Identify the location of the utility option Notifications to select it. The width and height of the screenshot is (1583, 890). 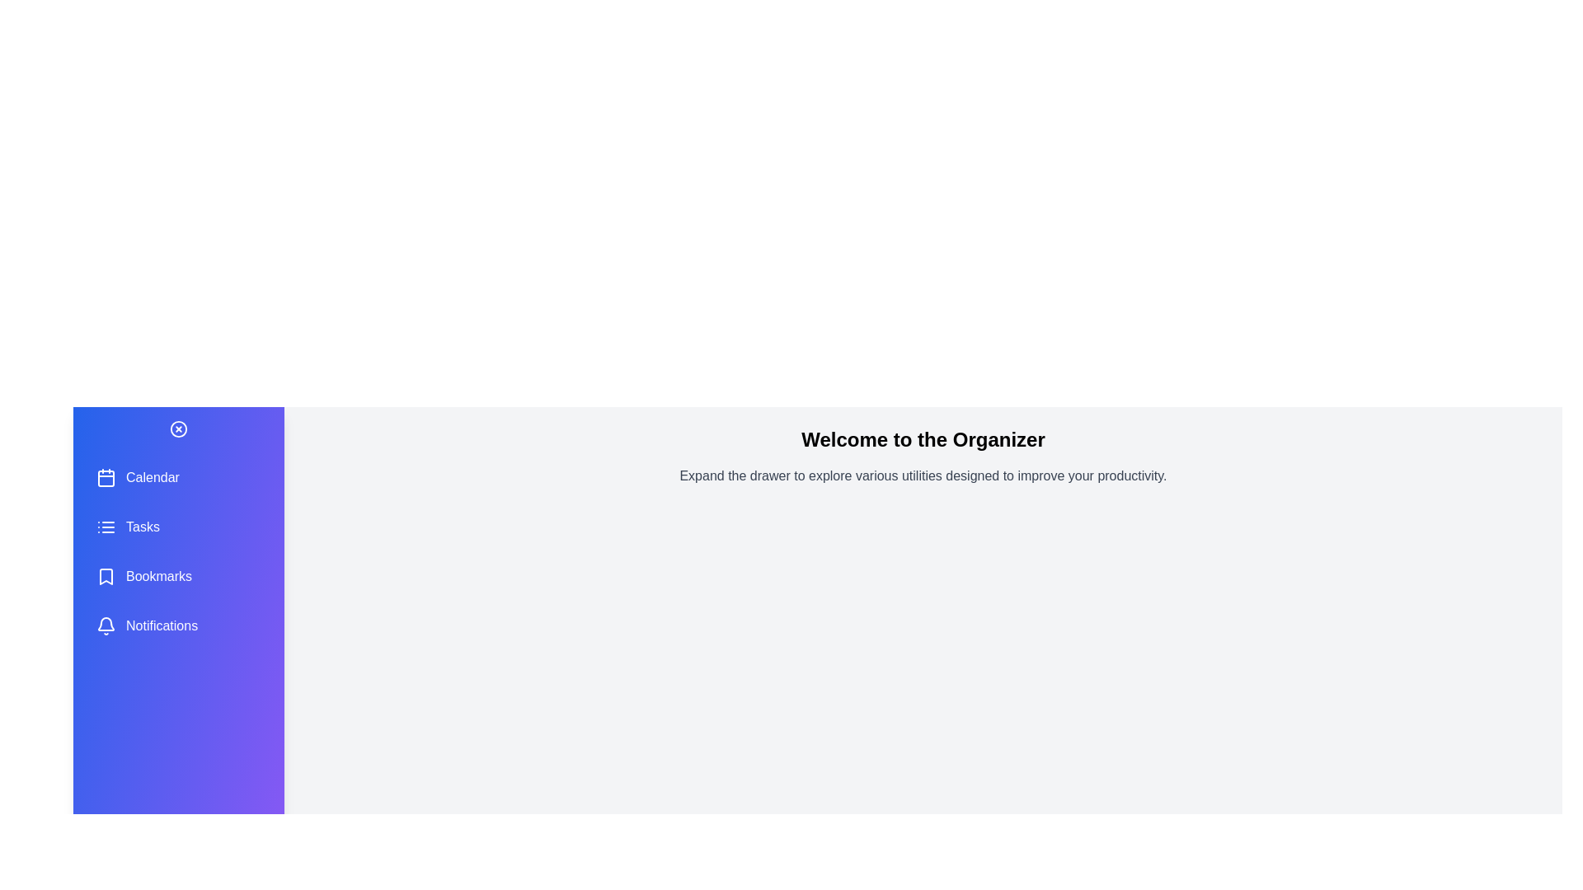
(178, 625).